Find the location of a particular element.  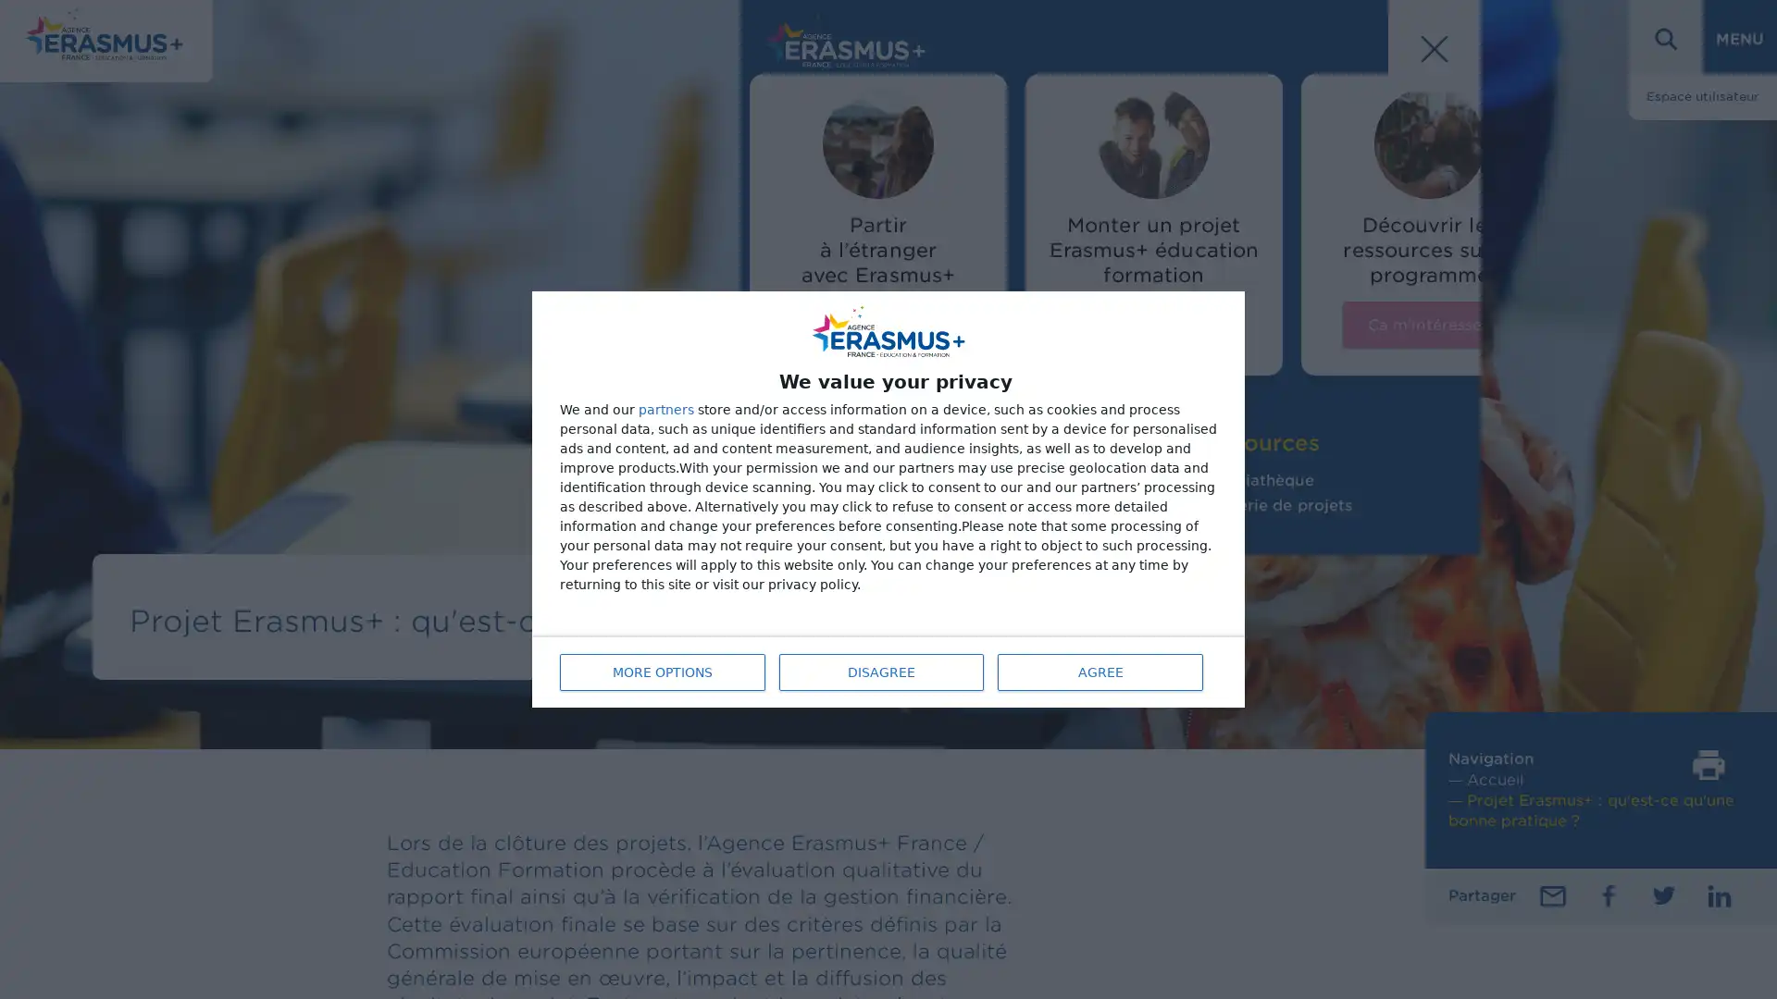

AGREE is located at coordinates (1100, 671).